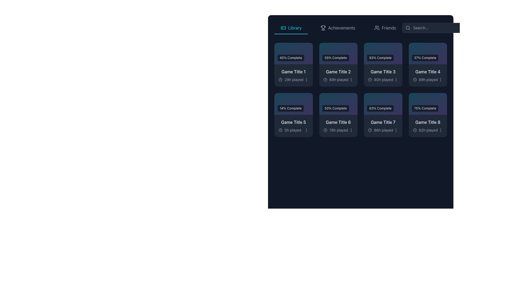 The height and width of the screenshot is (287, 510). Describe the element at coordinates (428, 72) in the screenshot. I see `the text label displaying 'Game Title 4', which is styled in white font and positioned on a dark background, located within the top-right game card under the '37% Complete' label and above the '89h played' text` at that location.